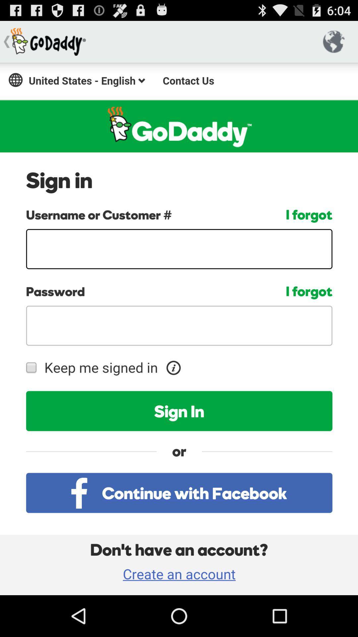 This screenshot has width=358, height=637. I want to click on account, so click(179, 329).